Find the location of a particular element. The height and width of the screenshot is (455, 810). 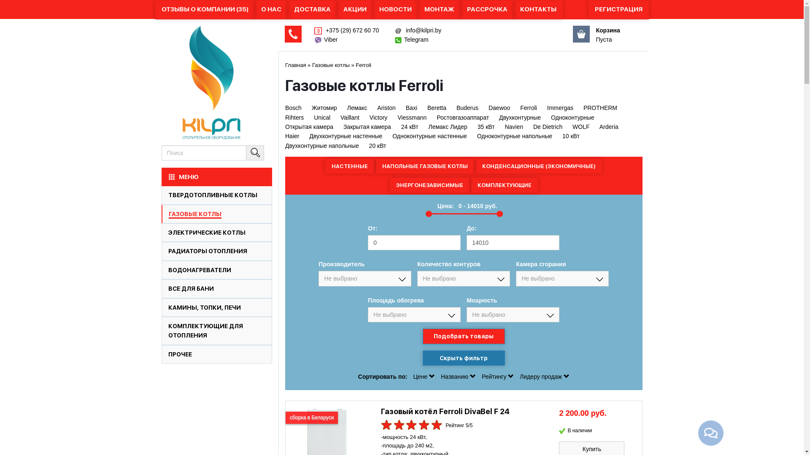

'PROTHERM' is located at coordinates (599, 107).